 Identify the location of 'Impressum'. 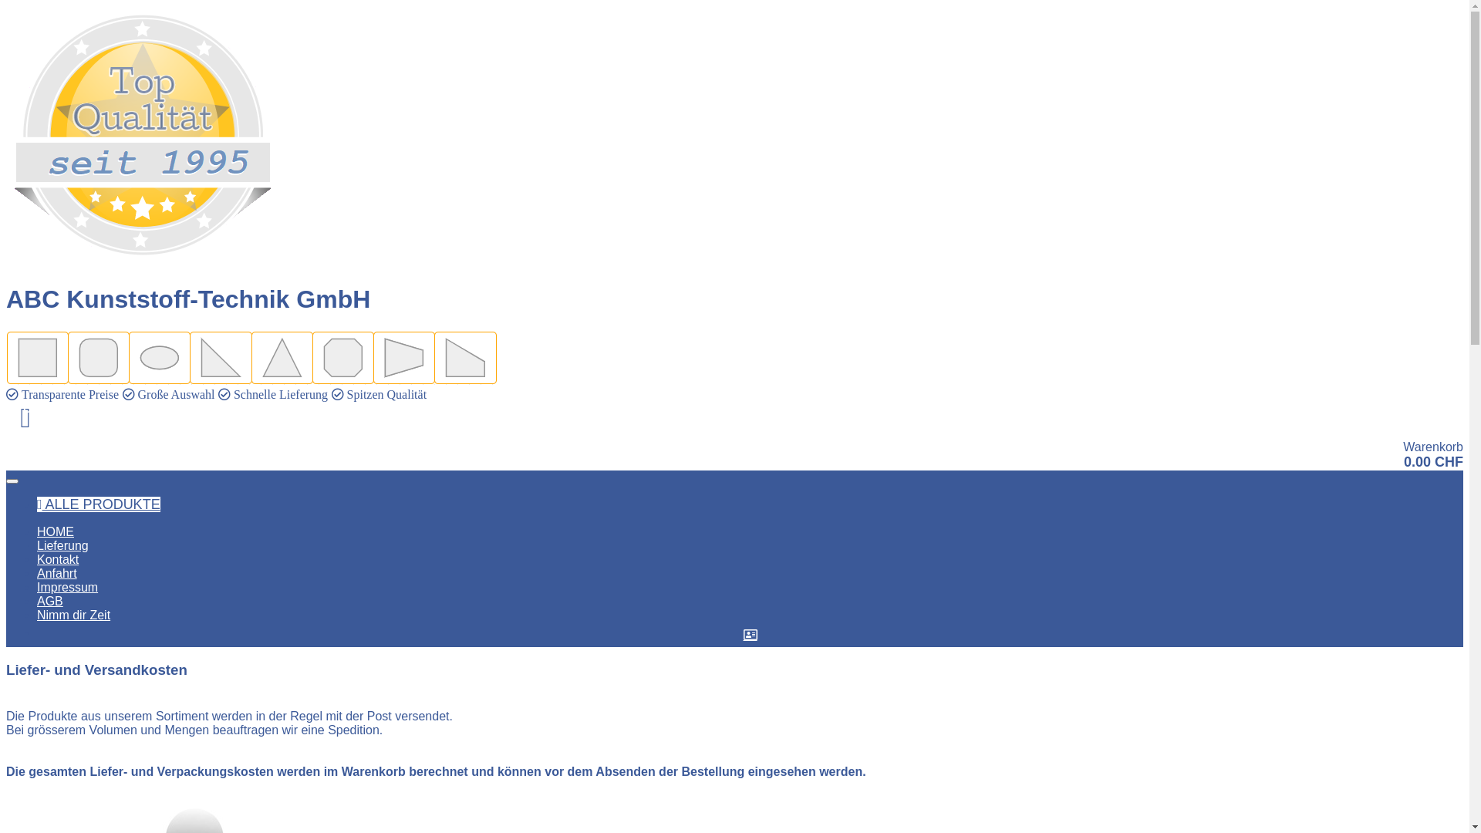
(66, 587).